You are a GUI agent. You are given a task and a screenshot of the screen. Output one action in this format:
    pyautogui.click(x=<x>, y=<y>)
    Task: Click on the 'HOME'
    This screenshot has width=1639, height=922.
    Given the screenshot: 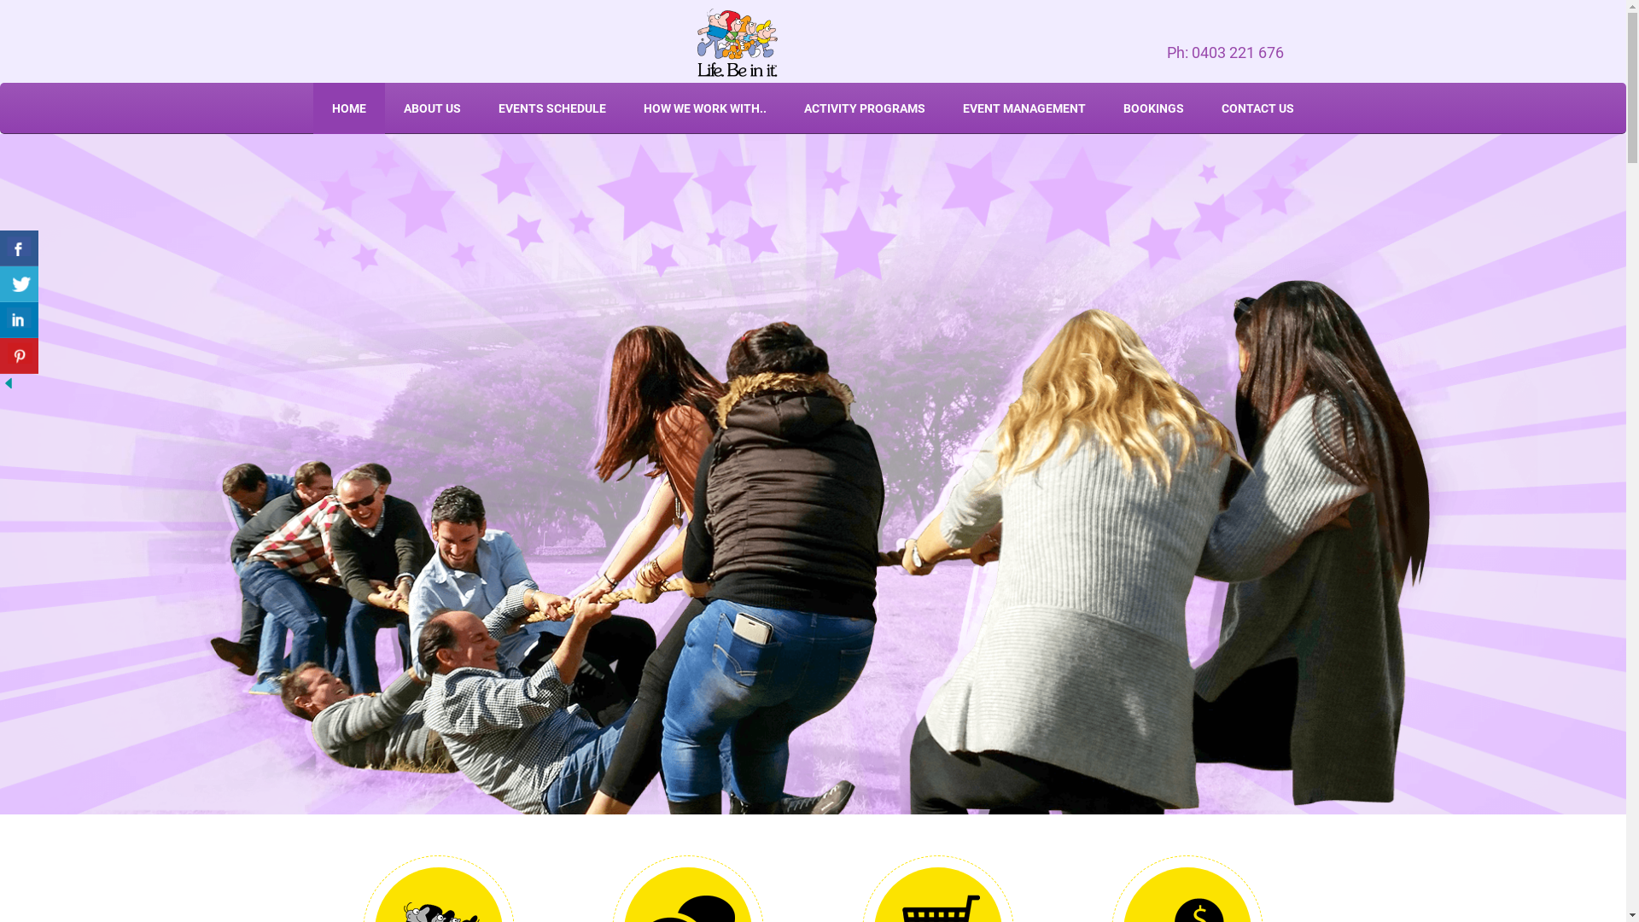 What is the action you would take?
    pyautogui.click(x=347, y=108)
    